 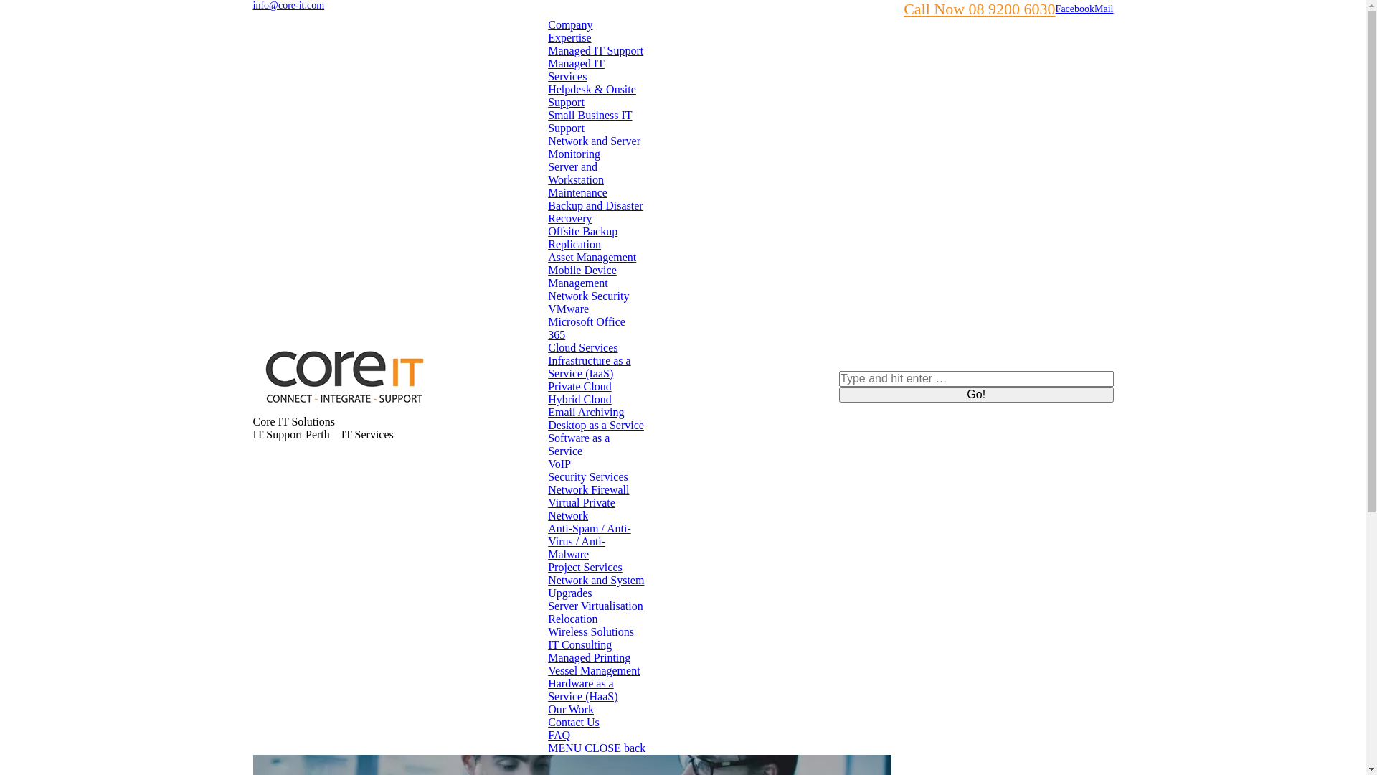 I want to click on 'Expertise', so click(x=546, y=37).